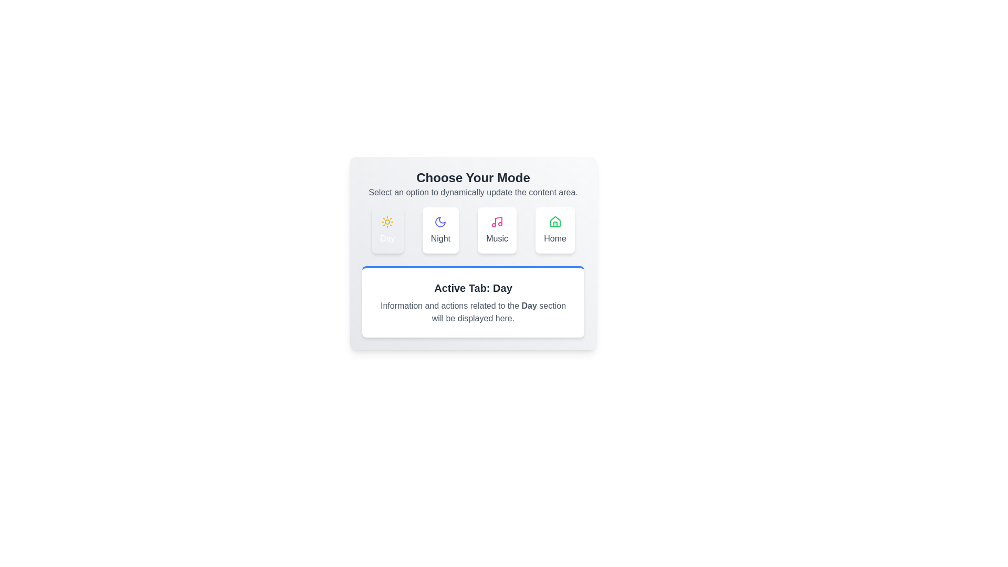  What do you see at coordinates (440, 222) in the screenshot?
I see `the representation of the 'Night' mode icon, which is the second button in the row beneath the 'Choose Your Mode' heading` at bounding box center [440, 222].